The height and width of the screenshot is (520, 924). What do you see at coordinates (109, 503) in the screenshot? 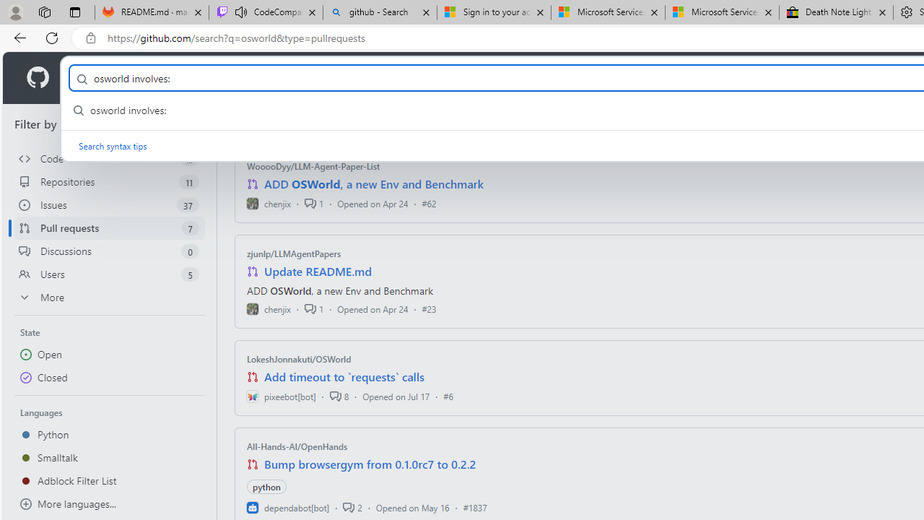
I see `'More languages...'` at bounding box center [109, 503].